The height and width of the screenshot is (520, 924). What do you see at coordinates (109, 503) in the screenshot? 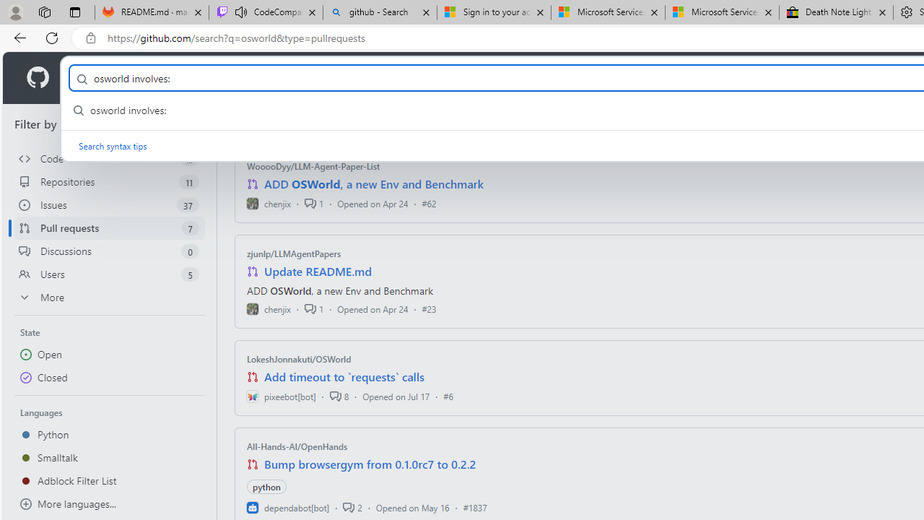
I see `'More languages...'` at bounding box center [109, 503].